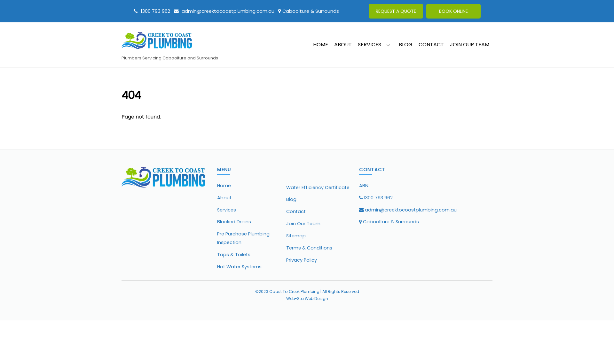 The width and height of the screenshot is (614, 345). What do you see at coordinates (306, 298) in the screenshot?
I see `'Web-Sta Web Design'` at bounding box center [306, 298].